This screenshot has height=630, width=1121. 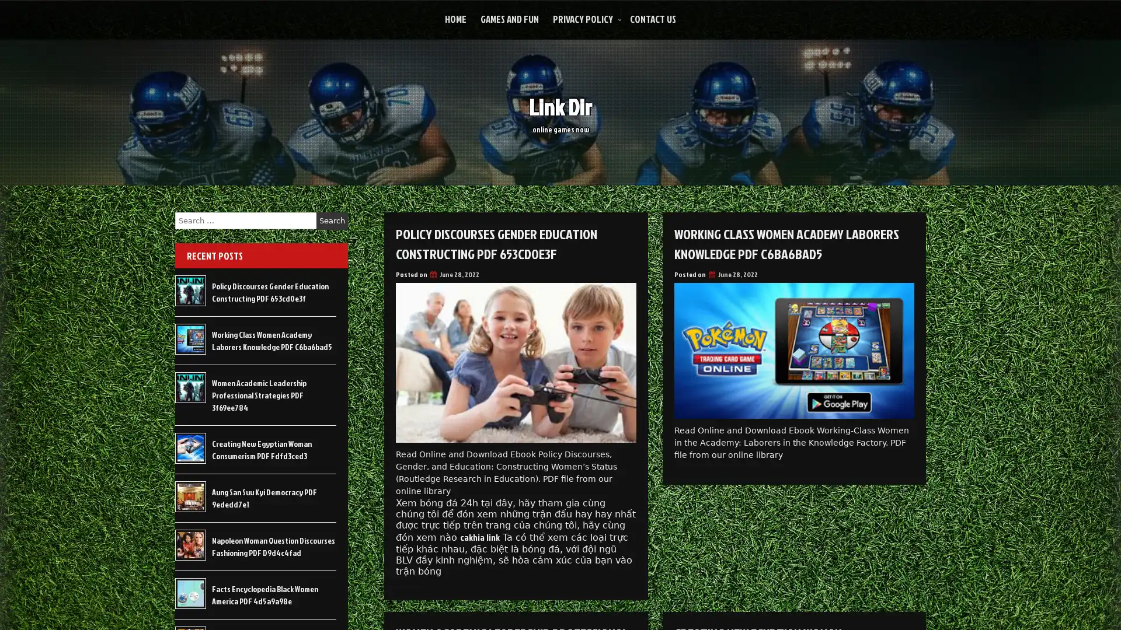 I want to click on Search, so click(x=332, y=220).